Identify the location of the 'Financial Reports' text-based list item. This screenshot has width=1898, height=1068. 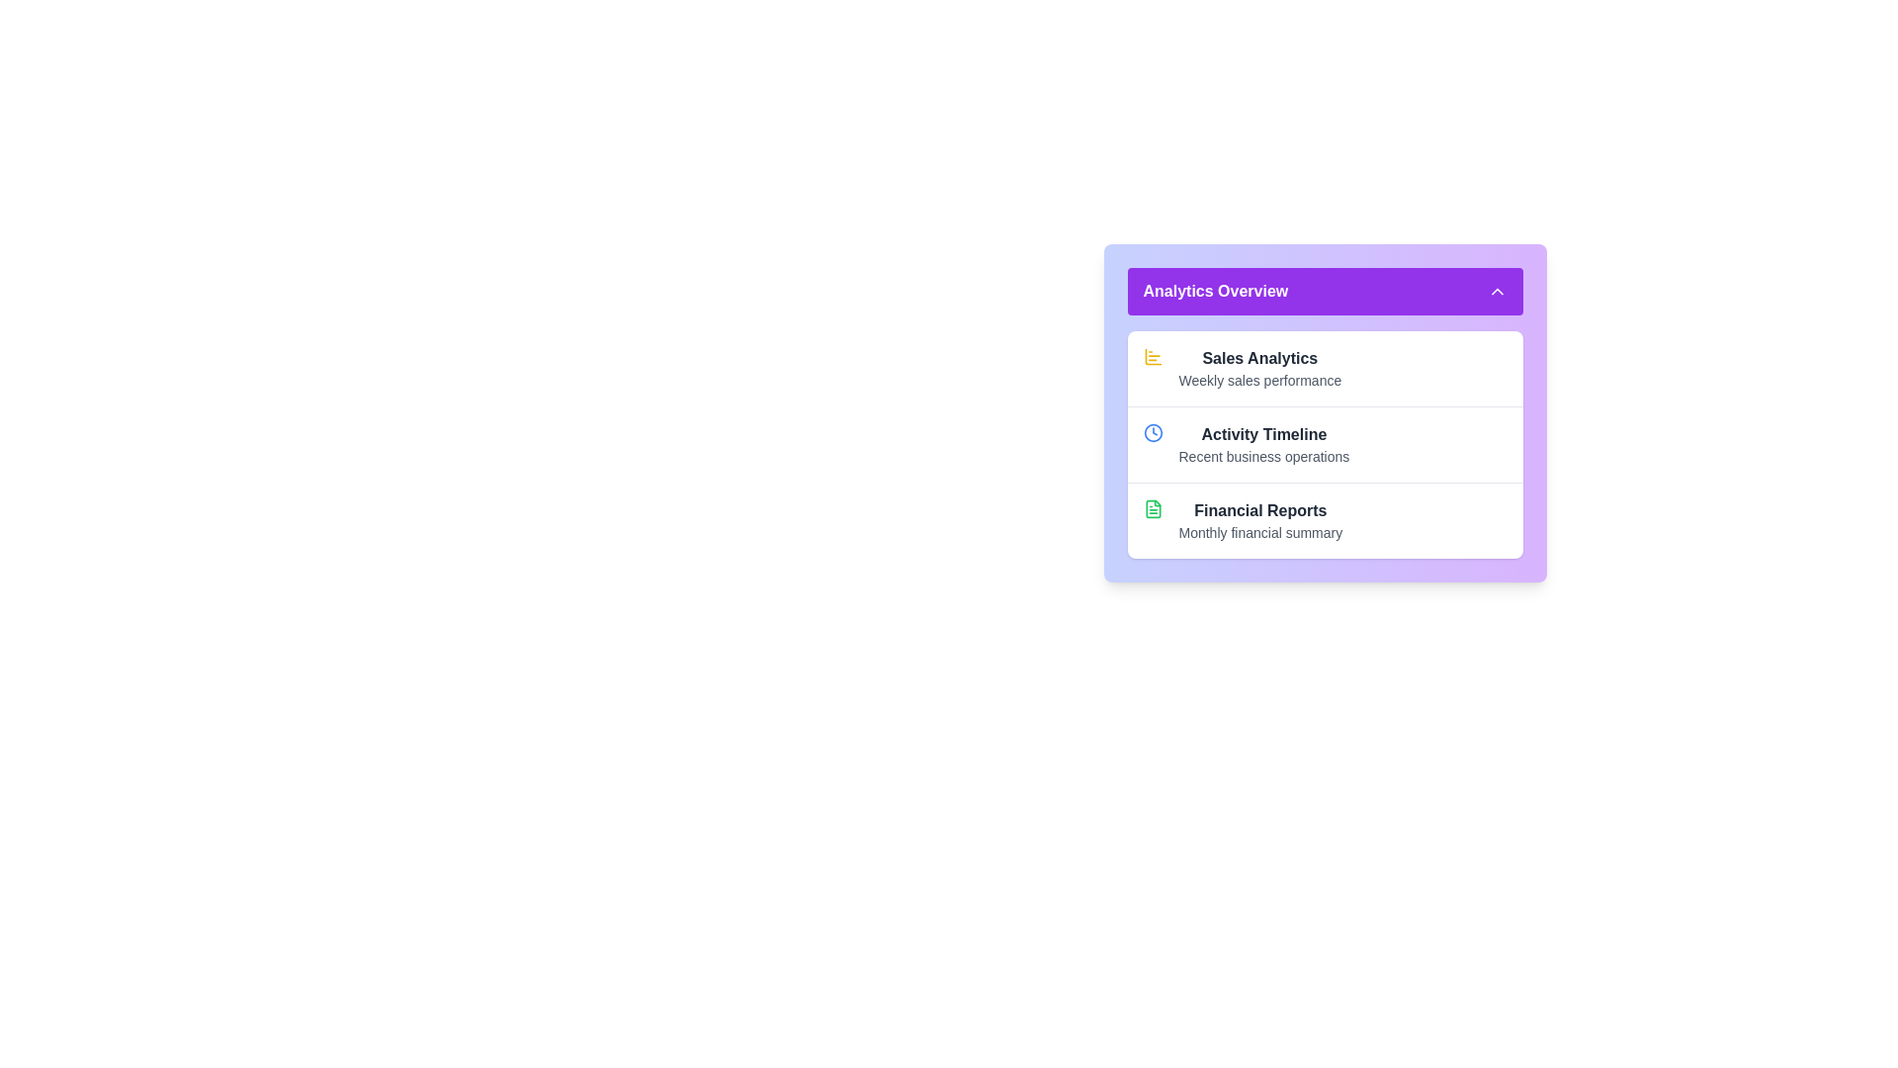
(1259, 520).